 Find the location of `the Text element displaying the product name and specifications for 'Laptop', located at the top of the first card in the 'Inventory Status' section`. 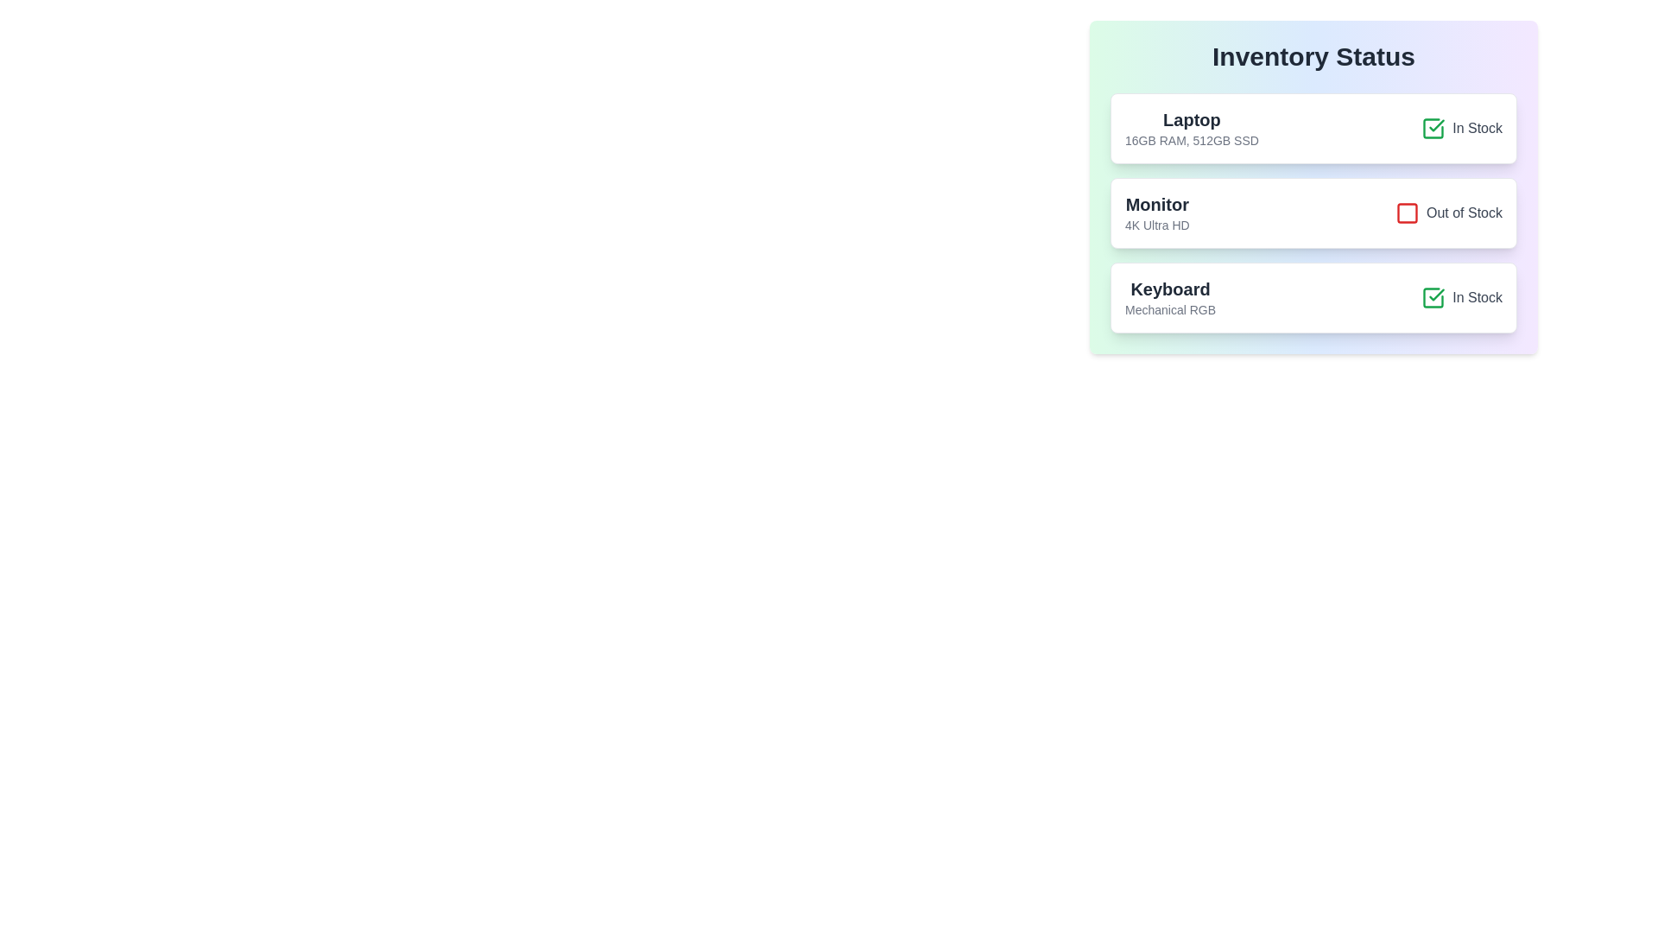

the Text element displaying the product name and specifications for 'Laptop', located at the top of the first card in the 'Inventory Status' section is located at coordinates (1191, 128).